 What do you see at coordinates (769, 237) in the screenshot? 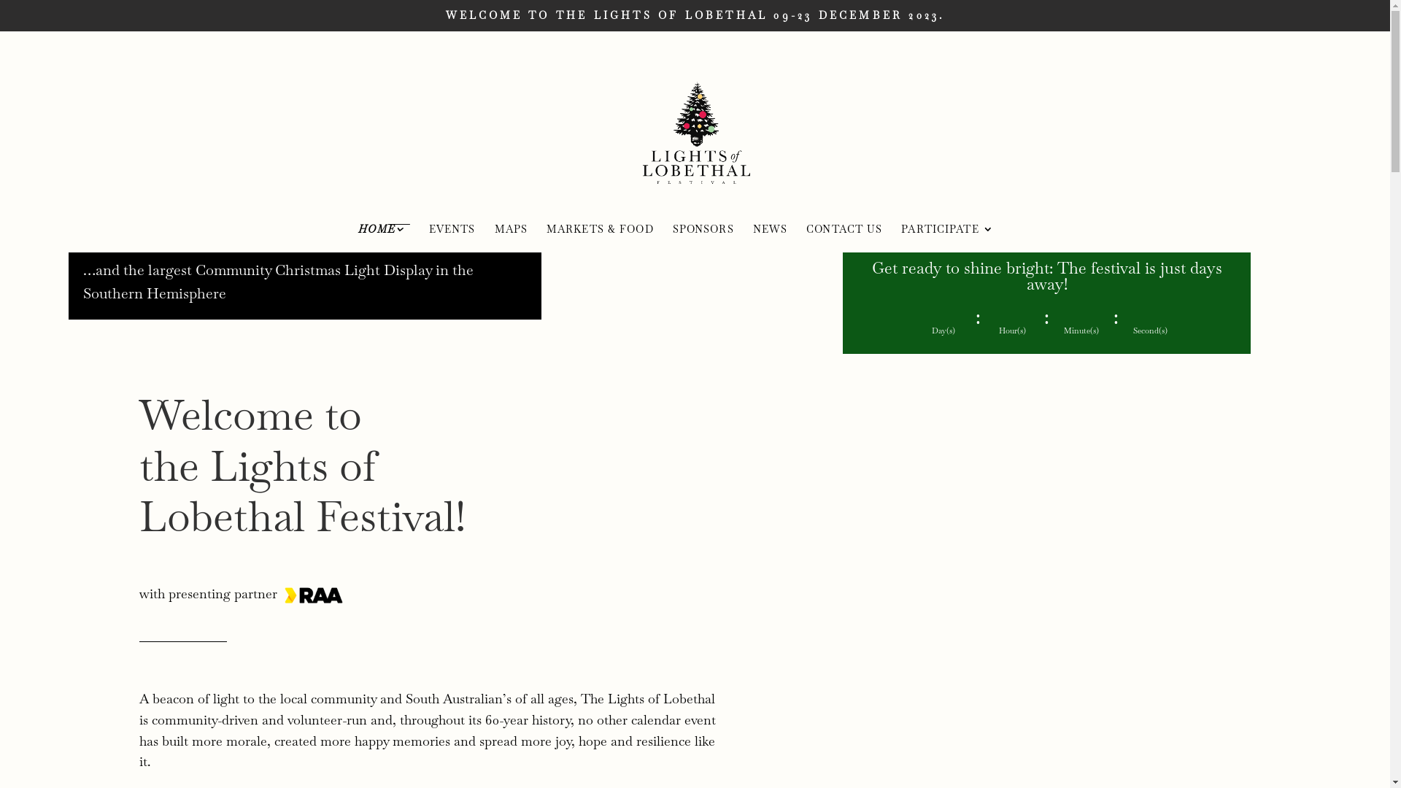
I see `'NEWS'` at bounding box center [769, 237].